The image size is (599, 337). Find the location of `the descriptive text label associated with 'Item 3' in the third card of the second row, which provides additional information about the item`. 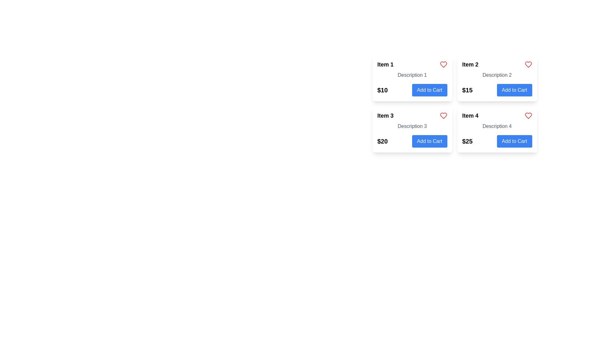

the descriptive text label associated with 'Item 3' in the third card of the second row, which provides additional information about the item is located at coordinates (412, 126).